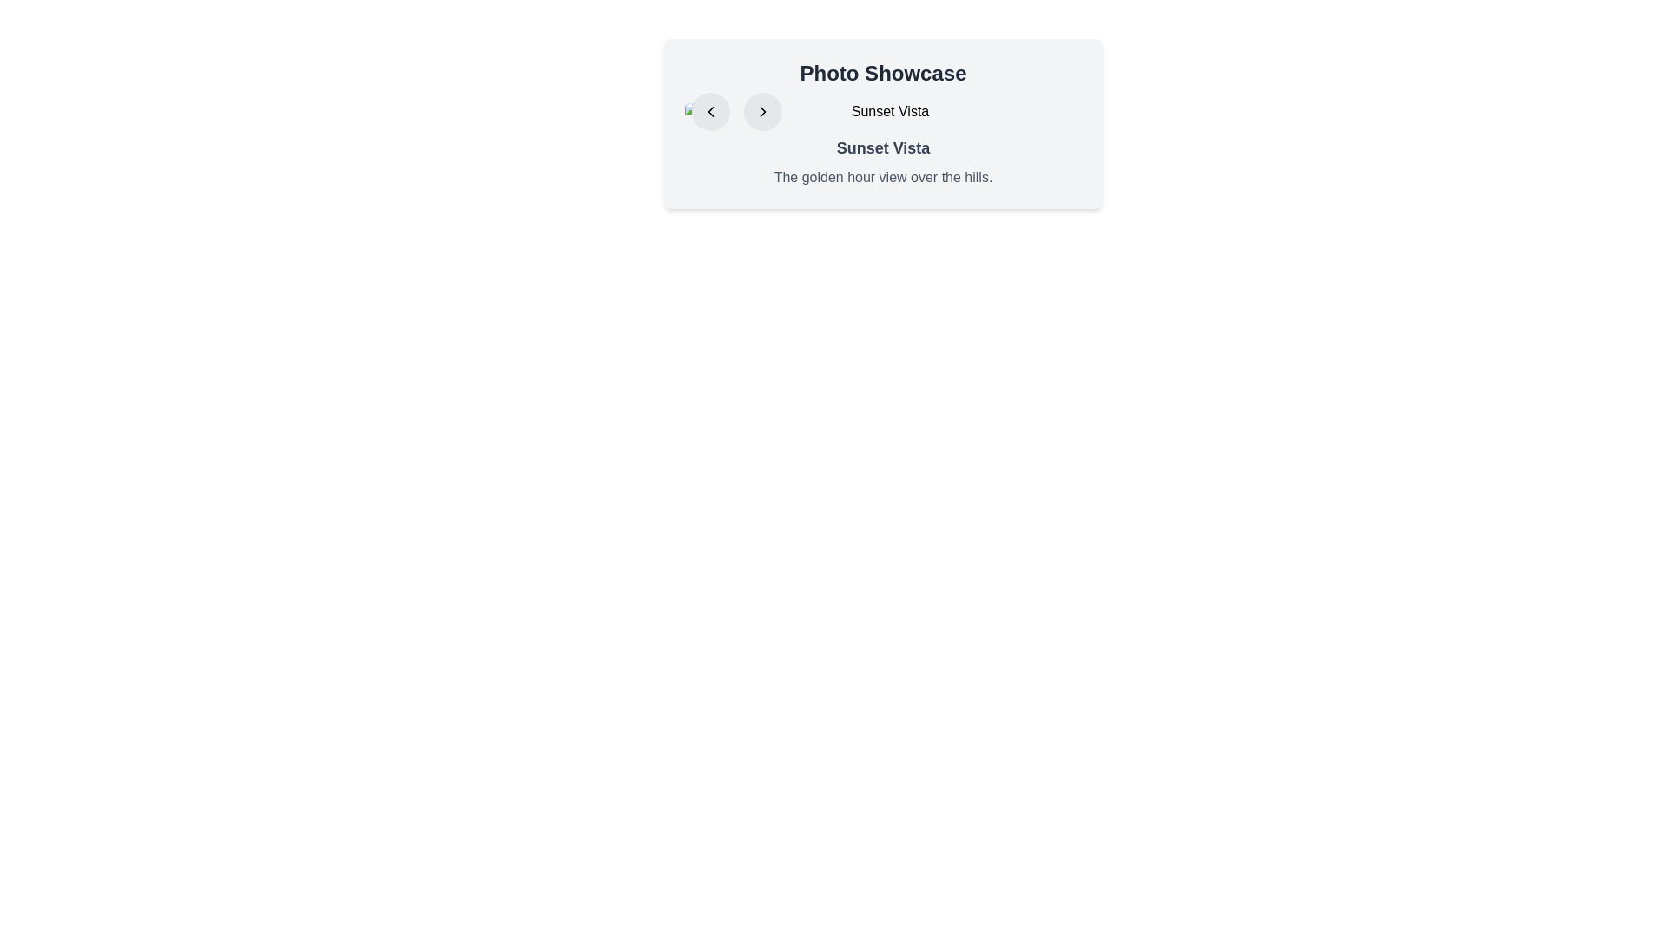 The width and height of the screenshot is (1667, 937). What do you see at coordinates (711, 111) in the screenshot?
I see `the circular 'Back' button icon located to the left of the 'Photo Showcase' component` at bounding box center [711, 111].